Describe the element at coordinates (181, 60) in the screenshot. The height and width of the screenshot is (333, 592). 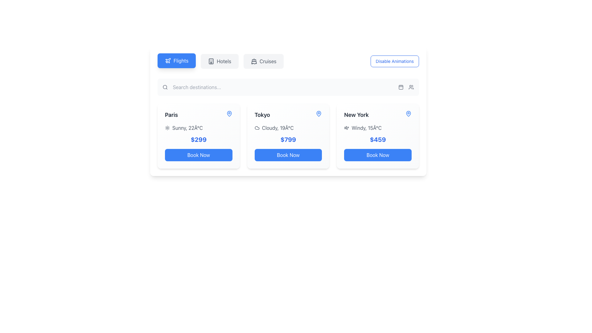
I see `the button containing the text label 'flights'` at that location.